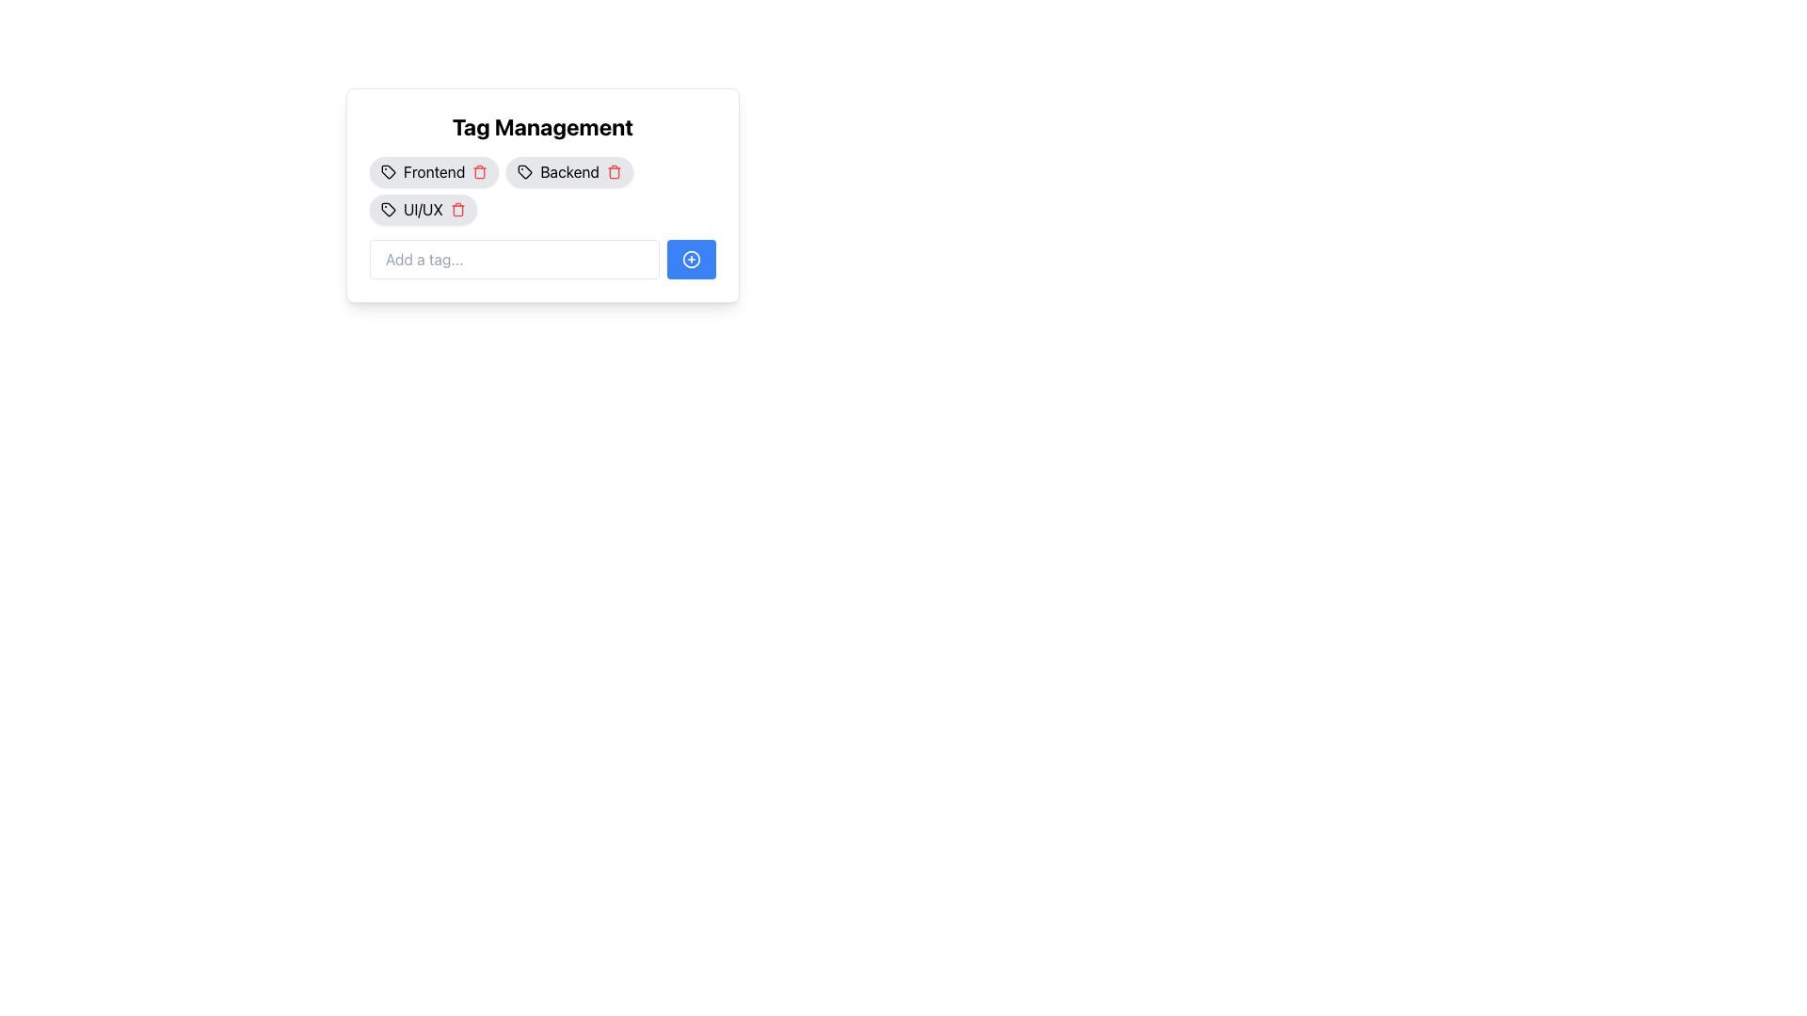 The image size is (1807, 1016). Describe the element at coordinates (387, 171) in the screenshot. I see `the decorative tag icon, which is outlined in black and located at the leftmost position within the 'Frontend' tag group in the Tag Management section` at that location.